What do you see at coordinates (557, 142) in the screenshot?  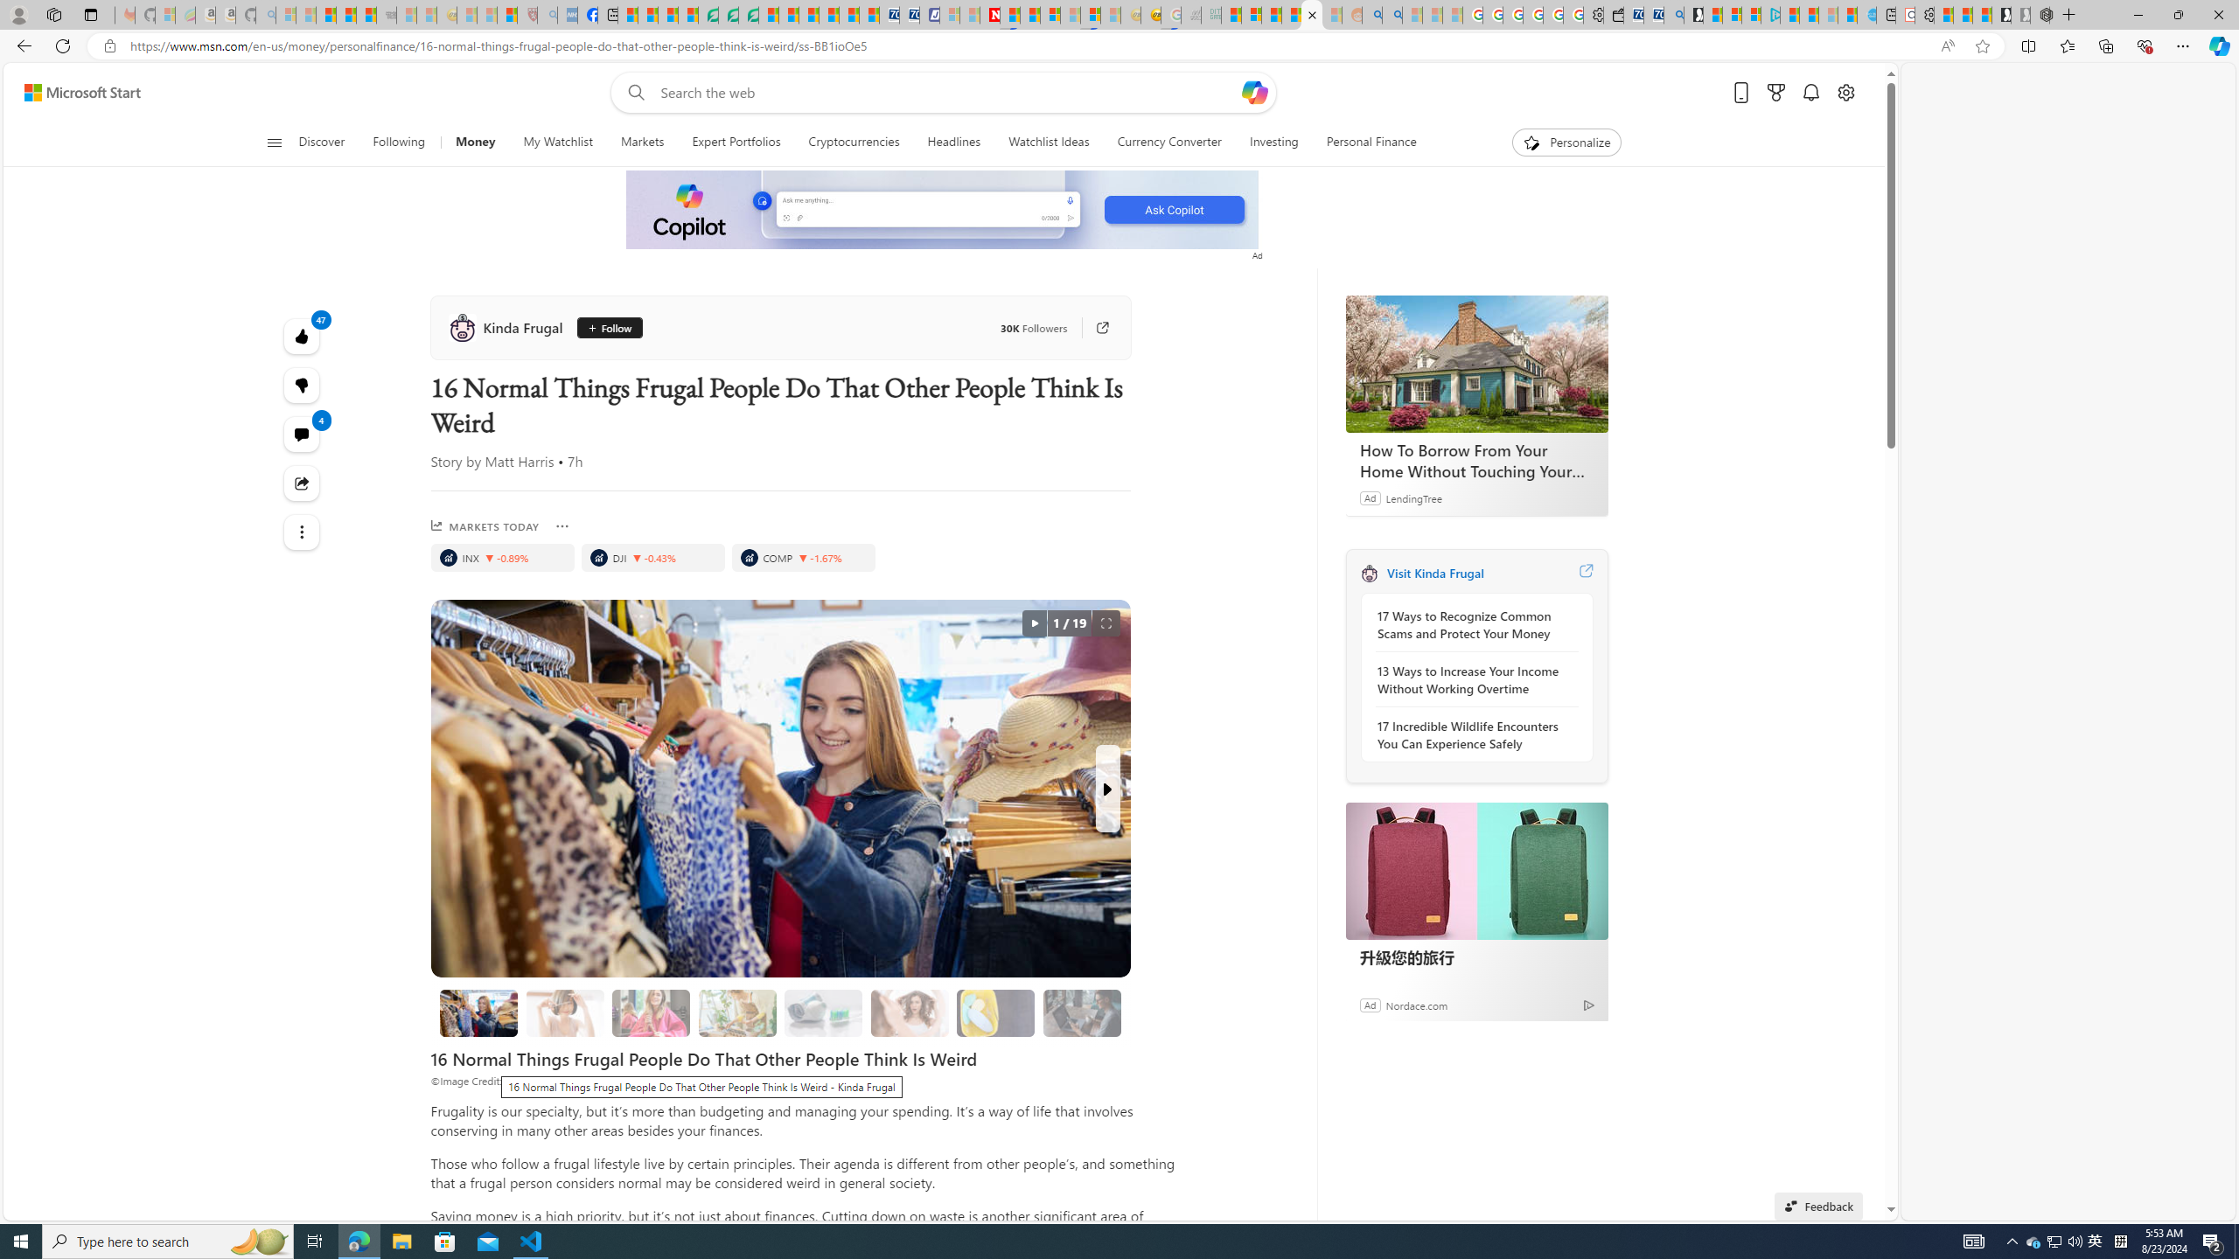 I see `'My Watchlist'` at bounding box center [557, 142].